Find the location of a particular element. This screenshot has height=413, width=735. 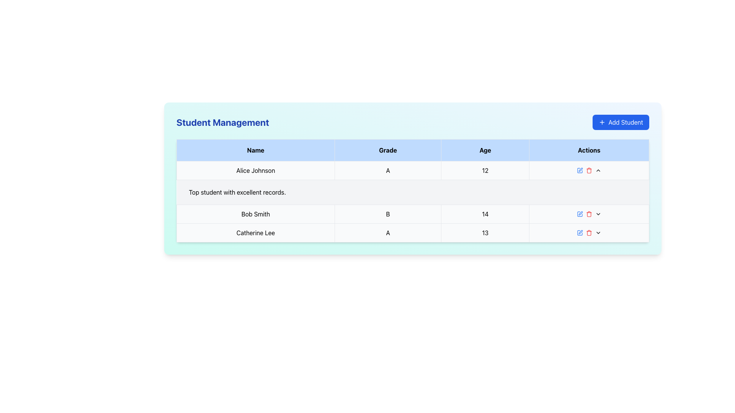

on the first student record row in the 'Student Management' table, which includes the student's name, grade, and age, and provides action buttons for interaction is located at coordinates (412, 170).